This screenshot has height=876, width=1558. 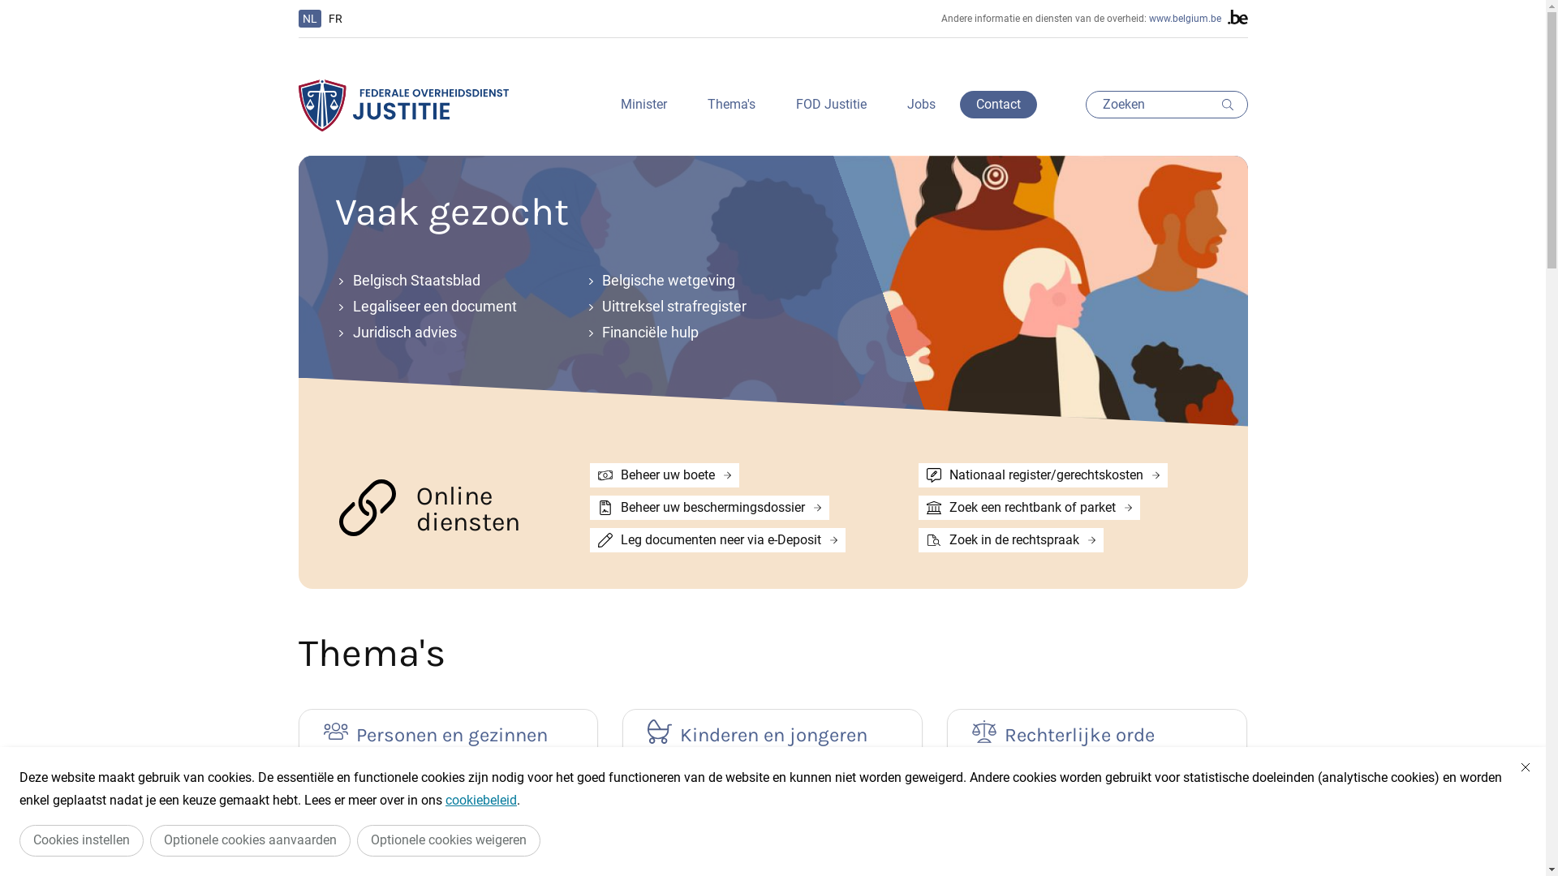 What do you see at coordinates (771, 732) in the screenshot?
I see `'Kinderen en jongeren'` at bounding box center [771, 732].